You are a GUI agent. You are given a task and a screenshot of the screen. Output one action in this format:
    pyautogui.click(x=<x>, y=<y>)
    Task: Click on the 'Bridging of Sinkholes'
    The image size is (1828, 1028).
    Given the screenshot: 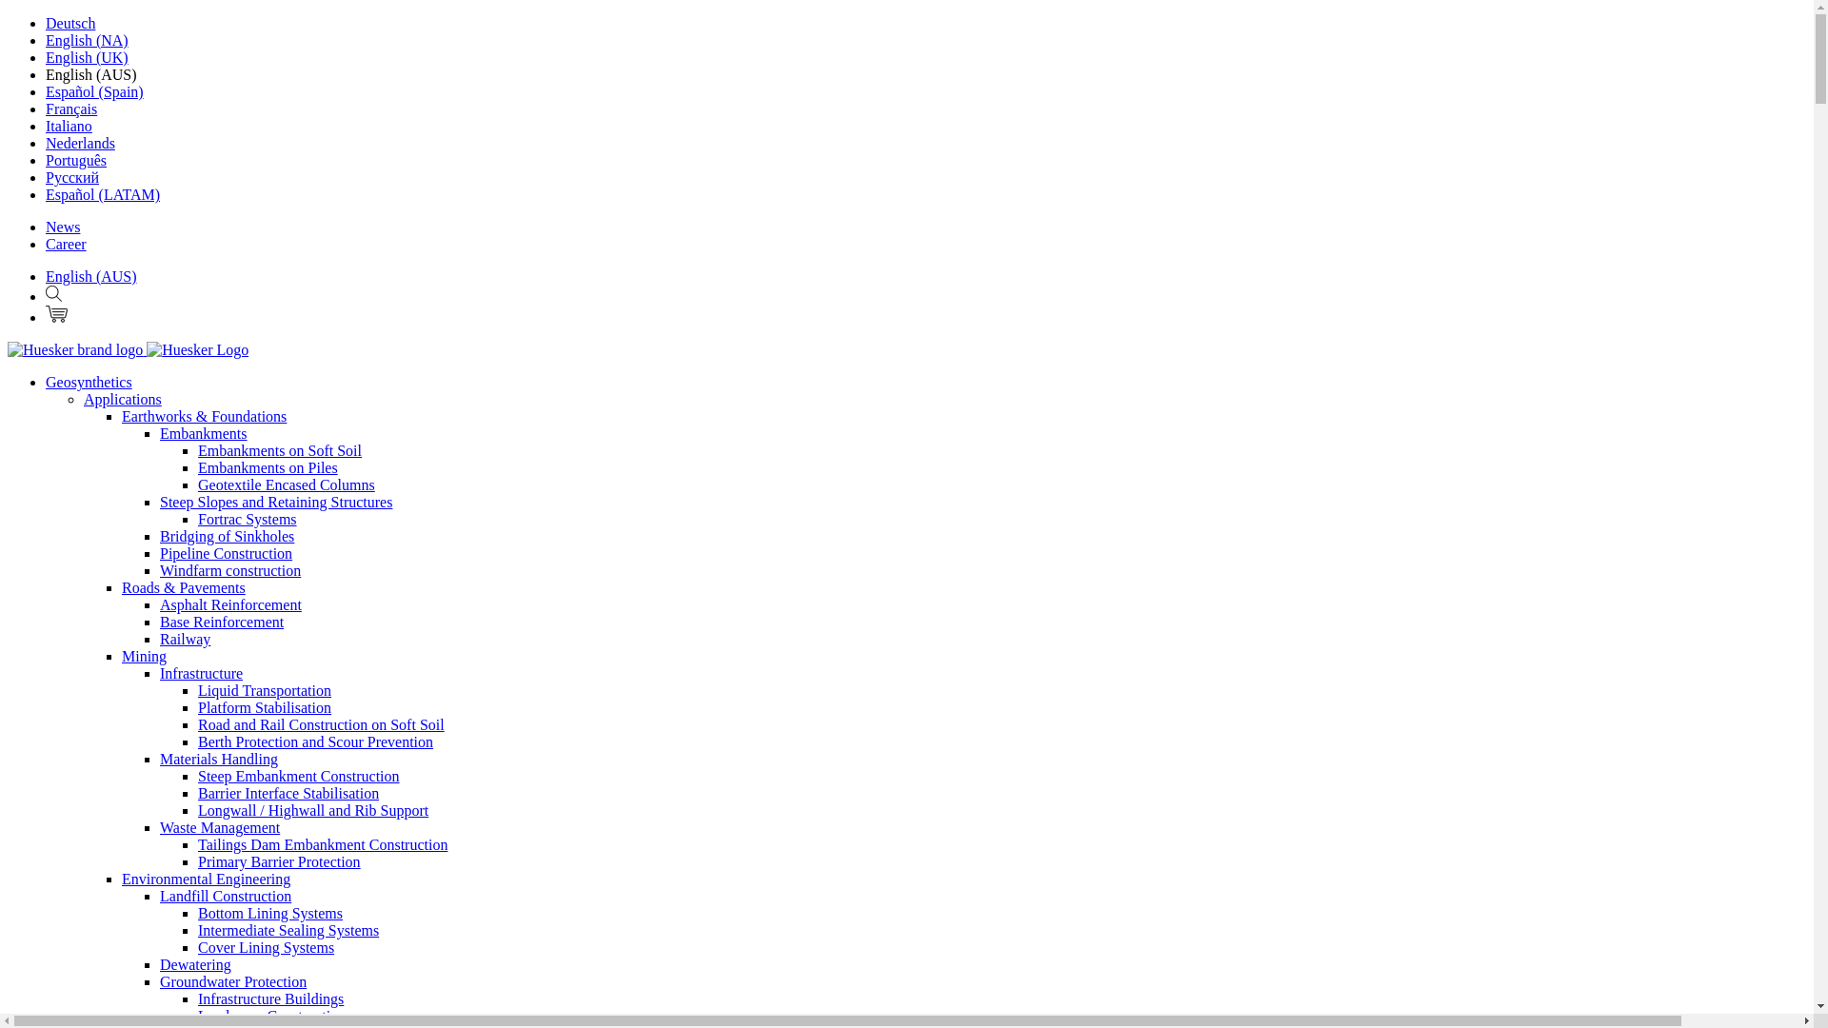 What is the action you would take?
    pyautogui.click(x=227, y=536)
    